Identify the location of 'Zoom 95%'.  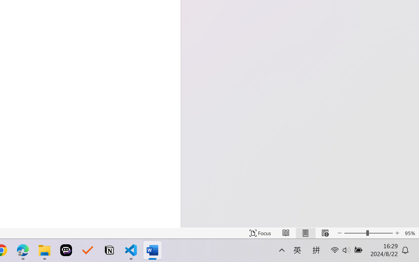
(410, 233).